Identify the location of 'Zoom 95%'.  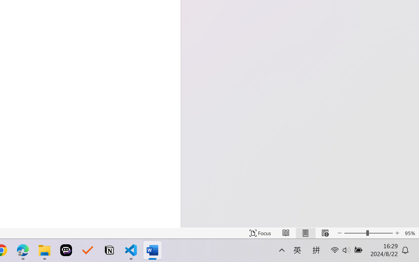
(410, 233).